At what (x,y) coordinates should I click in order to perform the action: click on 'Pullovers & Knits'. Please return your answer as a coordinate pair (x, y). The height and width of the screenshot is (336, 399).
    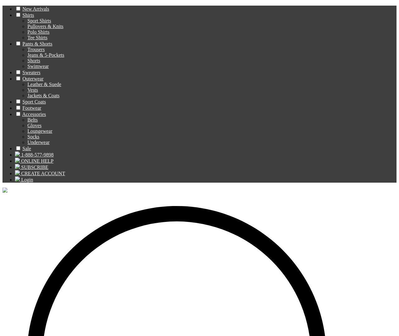
    Looking at the image, I should click on (45, 26).